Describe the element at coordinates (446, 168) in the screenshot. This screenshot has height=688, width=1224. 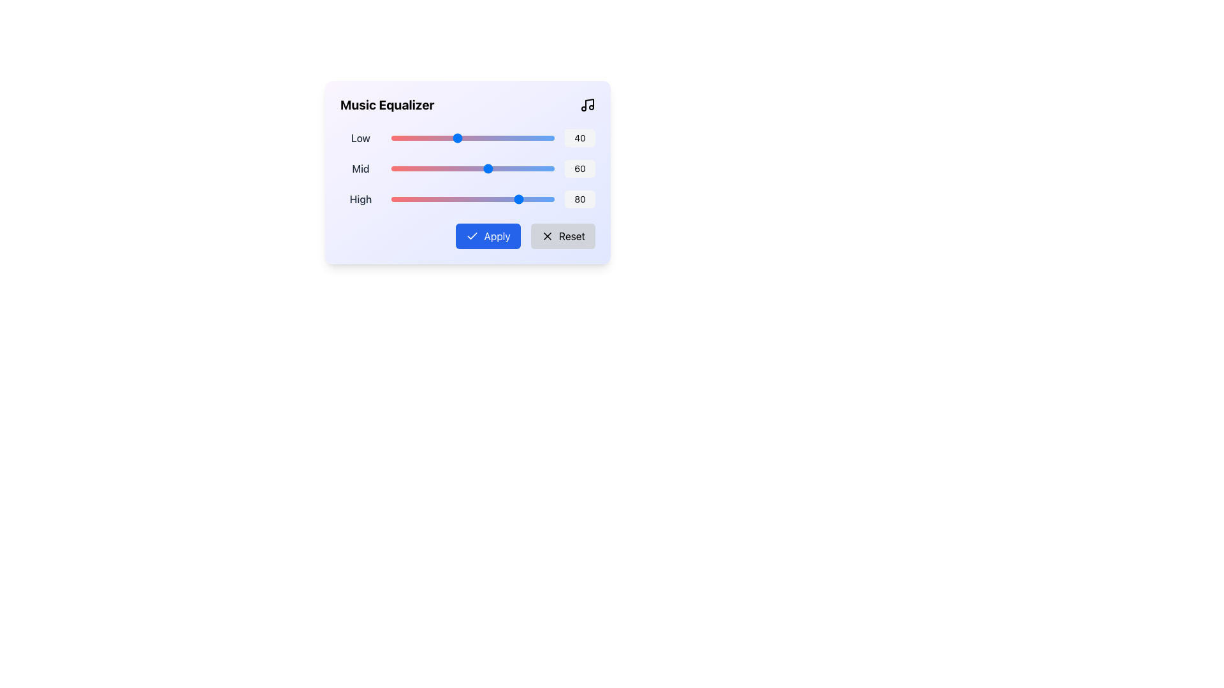
I see `the 'Mid' equalizer slider` at that location.